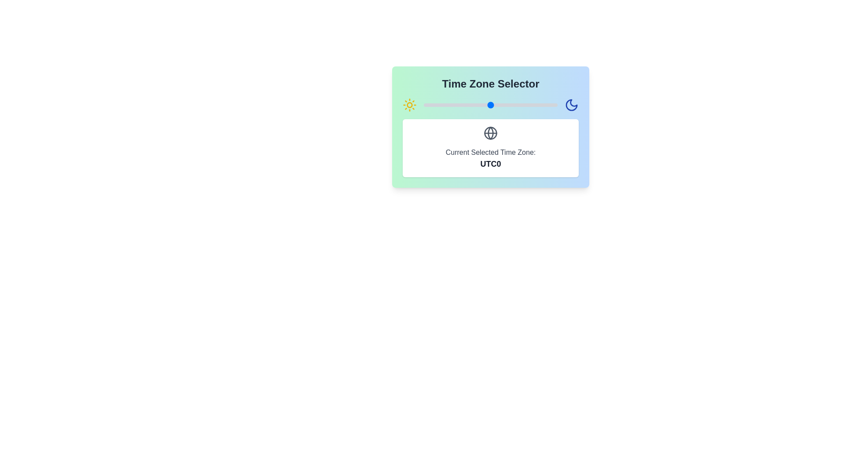 This screenshot has height=475, width=845. Describe the element at coordinates (572, 105) in the screenshot. I see `the moon icon with a blue stroke color located at the top right corner of the 'Time Zone Selector' box` at that location.